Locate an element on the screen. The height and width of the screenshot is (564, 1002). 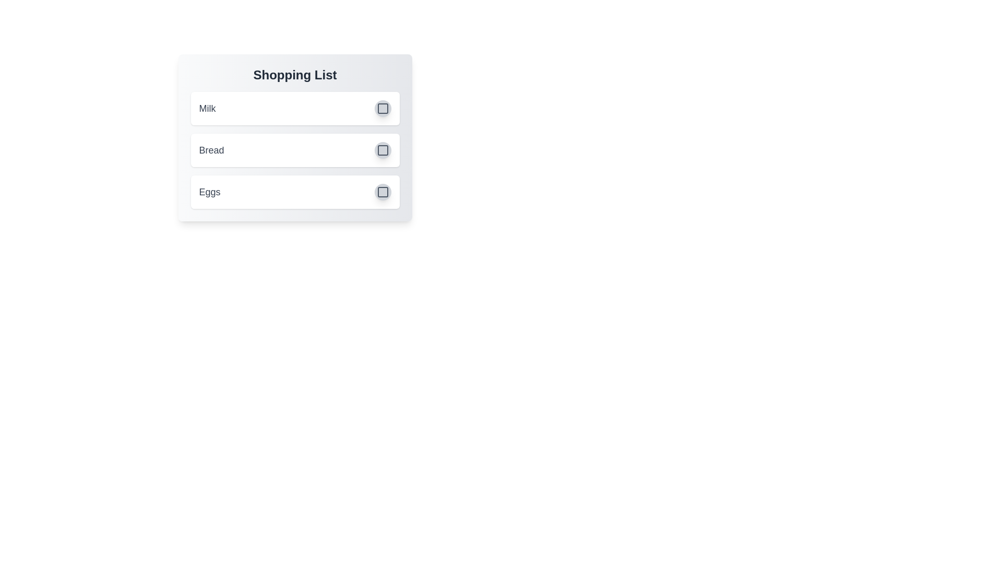
the text of the item 'Milk' to select it is located at coordinates (207, 109).